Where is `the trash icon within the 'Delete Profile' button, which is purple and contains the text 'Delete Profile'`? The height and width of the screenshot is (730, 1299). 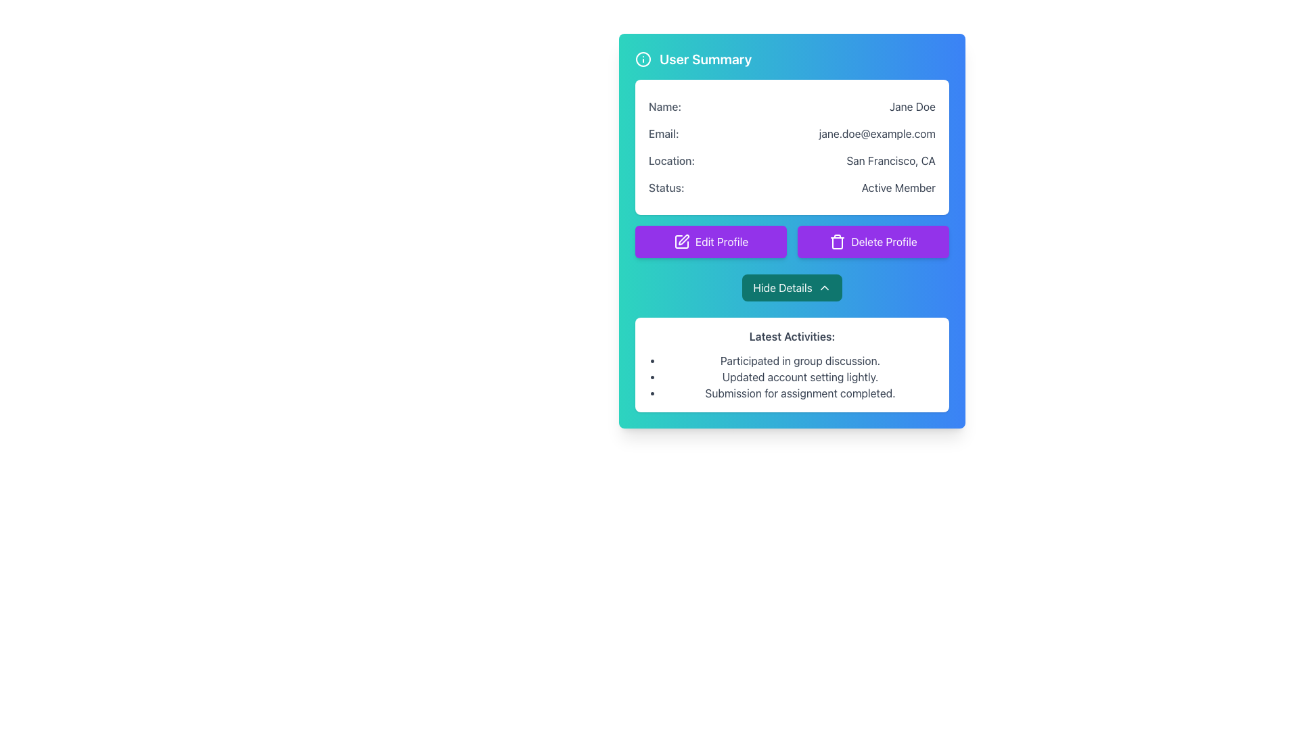
the trash icon within the 'Delete Profile' button, which is purple and contains the text 'Delete Profile' is located at coordinates (837, 241).